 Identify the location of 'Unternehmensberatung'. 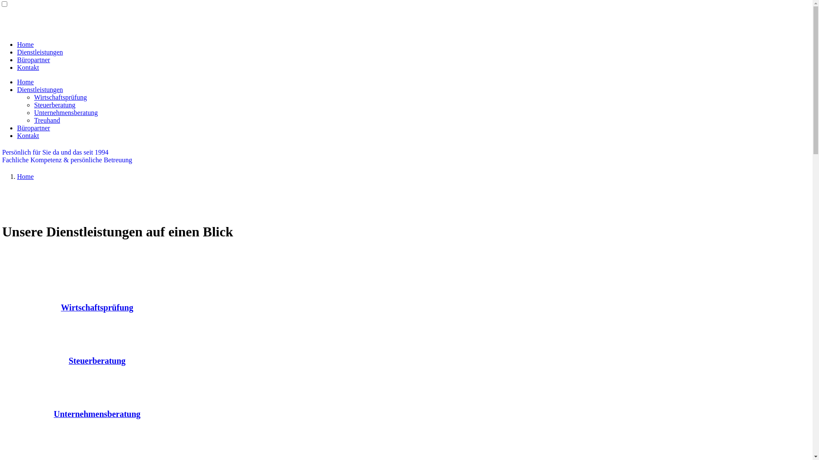
(53, 414).